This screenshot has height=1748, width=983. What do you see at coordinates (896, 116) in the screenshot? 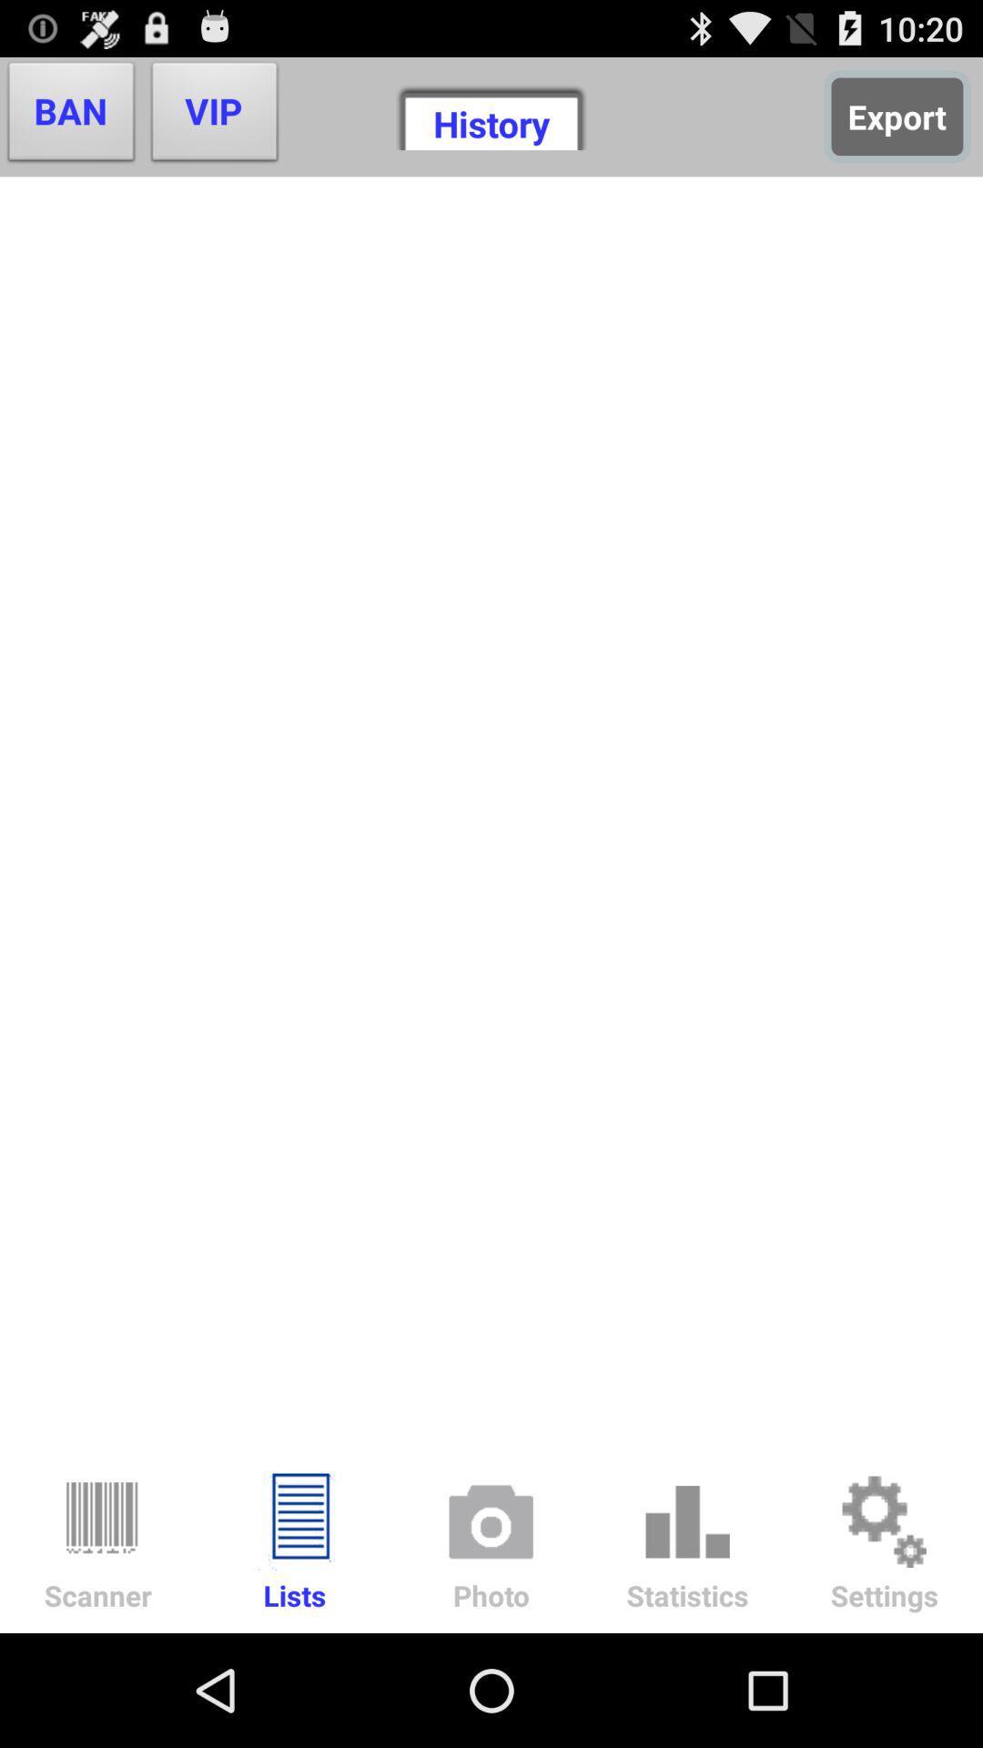
I see `icon at the top right corner` at bounding box center [896, 116].